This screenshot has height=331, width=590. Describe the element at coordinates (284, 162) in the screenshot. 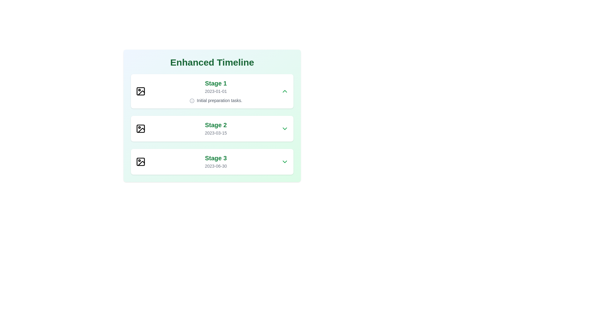

I see `the green downward-pointing chevron icon on the right side of the 'Stage 3 2023-06-30' panel` at that location.